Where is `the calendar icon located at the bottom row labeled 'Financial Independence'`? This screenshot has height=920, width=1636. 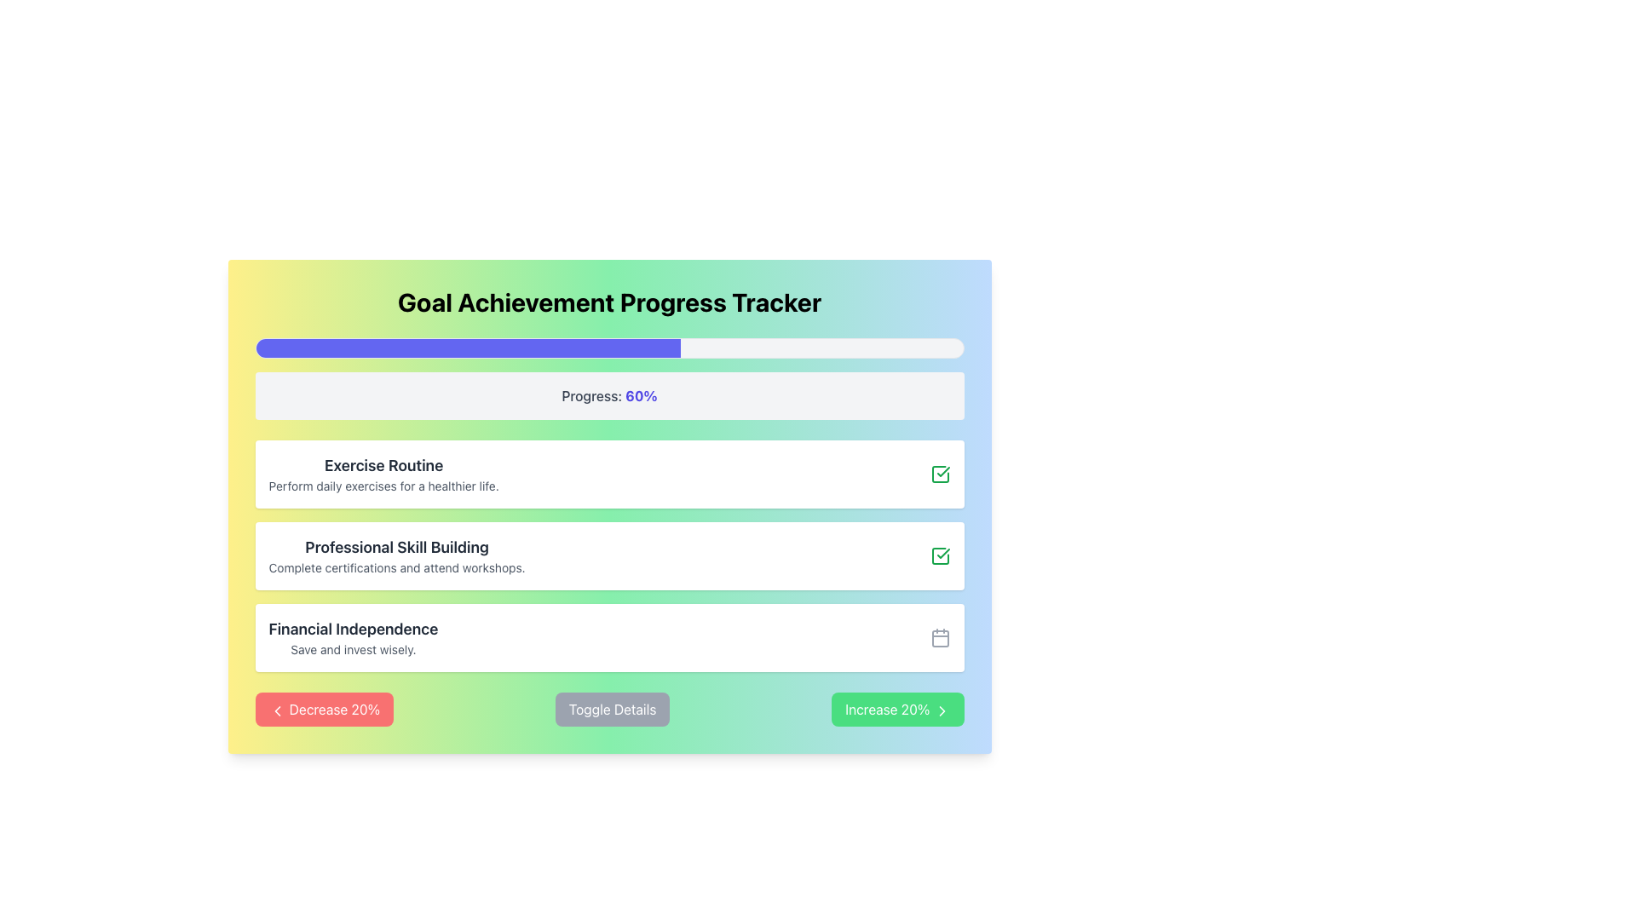 the calendar icon located at the bottom row labeled 'Financial Independence' is located at coordinates (939, 638).